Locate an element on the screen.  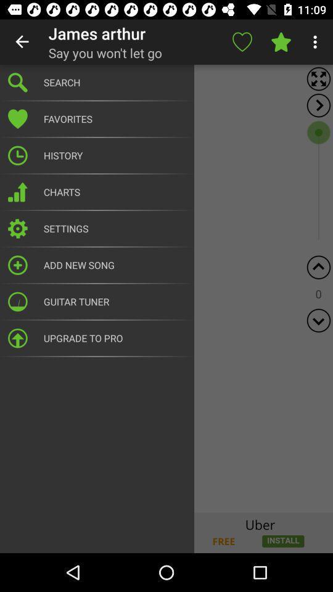
use the left menu to navigate the app is located at coordinates (166, 289).